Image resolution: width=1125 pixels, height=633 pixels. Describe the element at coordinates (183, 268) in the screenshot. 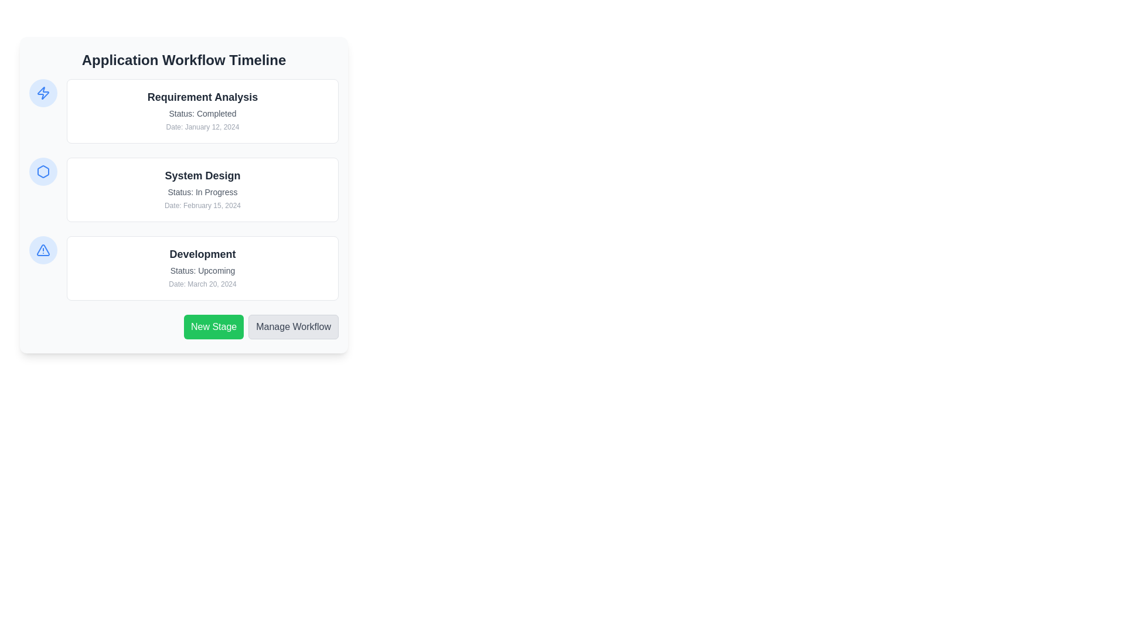

I see `information displayed in the third informational panel that indicates the status 'Upcoming' and the date 'March 20, 2024'` at that location.